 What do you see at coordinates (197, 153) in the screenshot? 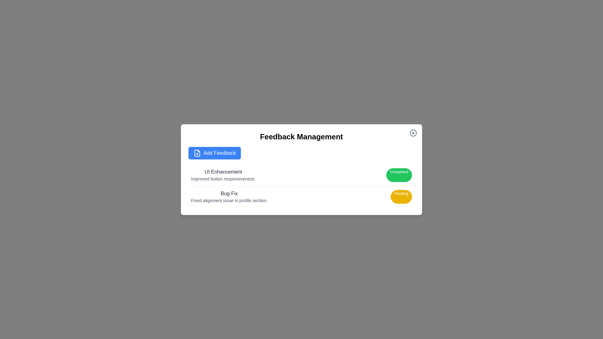
I see `the 'Add Feedback' icon located in the top-left section of the dialog window, which represents adding a new file or entry` at bounding box center [197, 153].